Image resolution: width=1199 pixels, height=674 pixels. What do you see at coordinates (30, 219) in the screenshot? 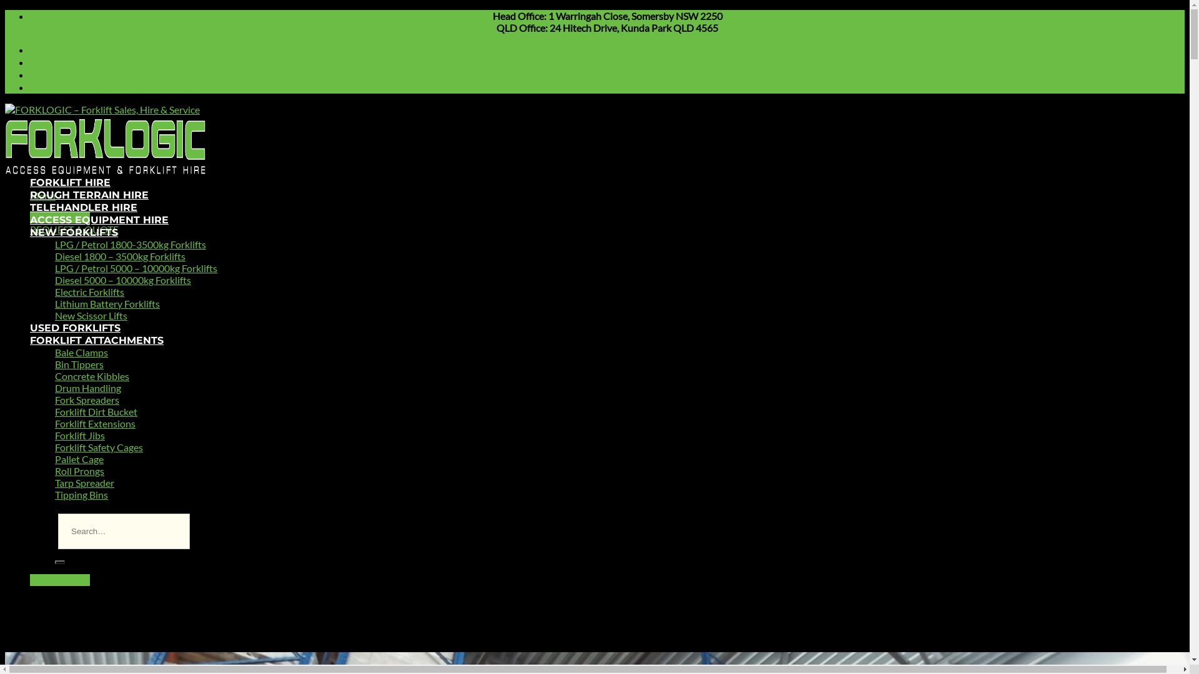
I see `'ACCESS EQUIPMENT HIRE'` at bounding box center [30, 219].